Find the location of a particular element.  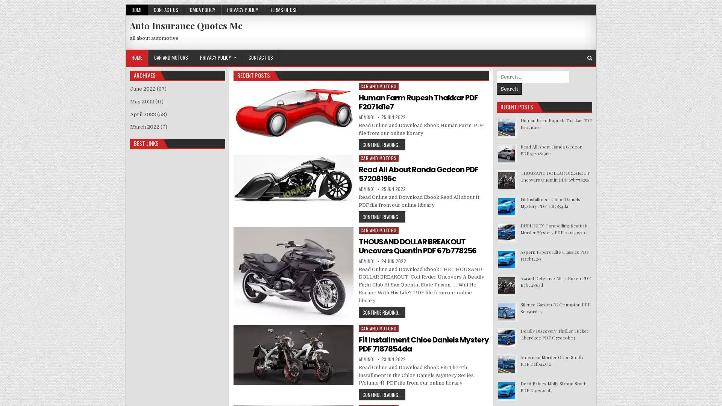

Search is located at coordinates (509, 88).